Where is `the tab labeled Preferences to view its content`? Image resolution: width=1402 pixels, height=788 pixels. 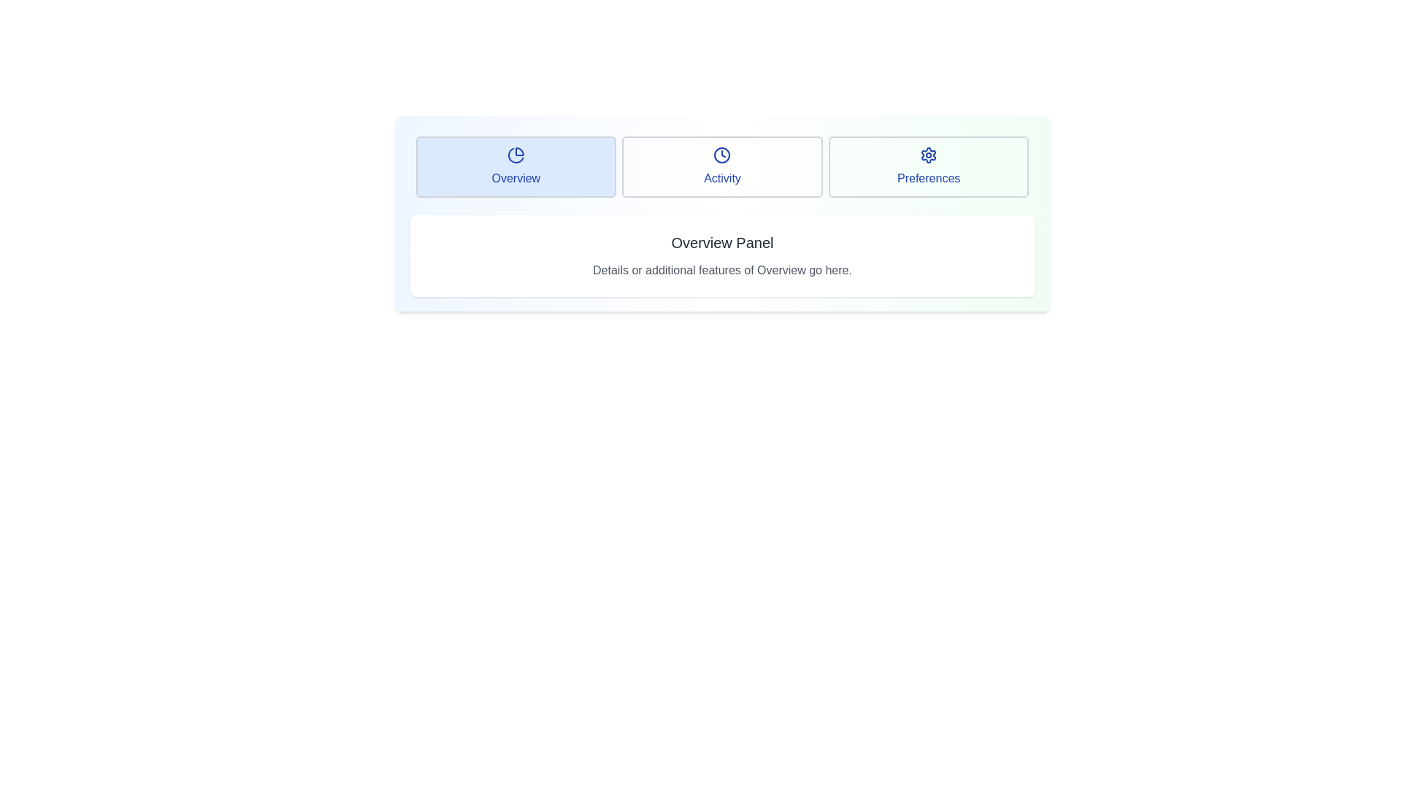 the tab labeled Preferences to view its content is located at coordinates (928, 166).